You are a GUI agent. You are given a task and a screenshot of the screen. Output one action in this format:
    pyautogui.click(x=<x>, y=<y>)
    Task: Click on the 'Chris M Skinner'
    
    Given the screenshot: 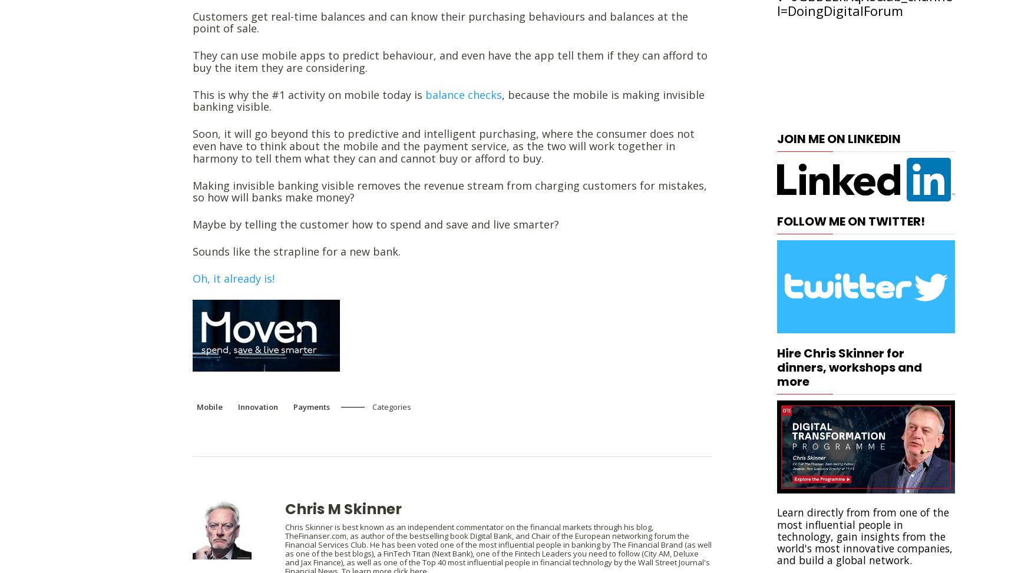 What is the action you would take?
    pyautogui.click(x=343, y=509)
    